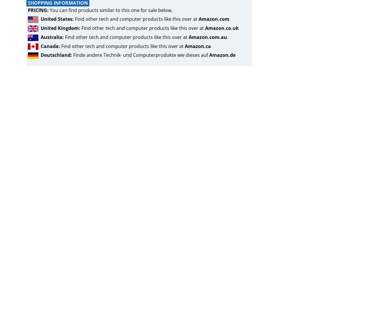 The image size is (375, 313). What do you see at coordinates (57, 18) in the screenshot?
I see `'United States:'` at bounding box center [57, 18].